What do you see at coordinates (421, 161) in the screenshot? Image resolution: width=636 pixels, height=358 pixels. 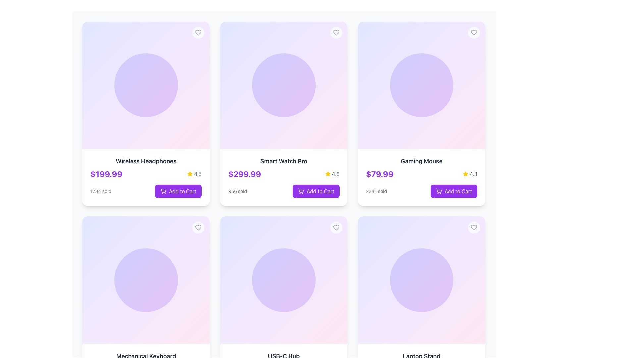 I see `text label displaying 'Gaming Mouse' in bold and larger font size, located in the third card of the first row in the product grid, above the price and rating details` at bounding box center [421, 161].